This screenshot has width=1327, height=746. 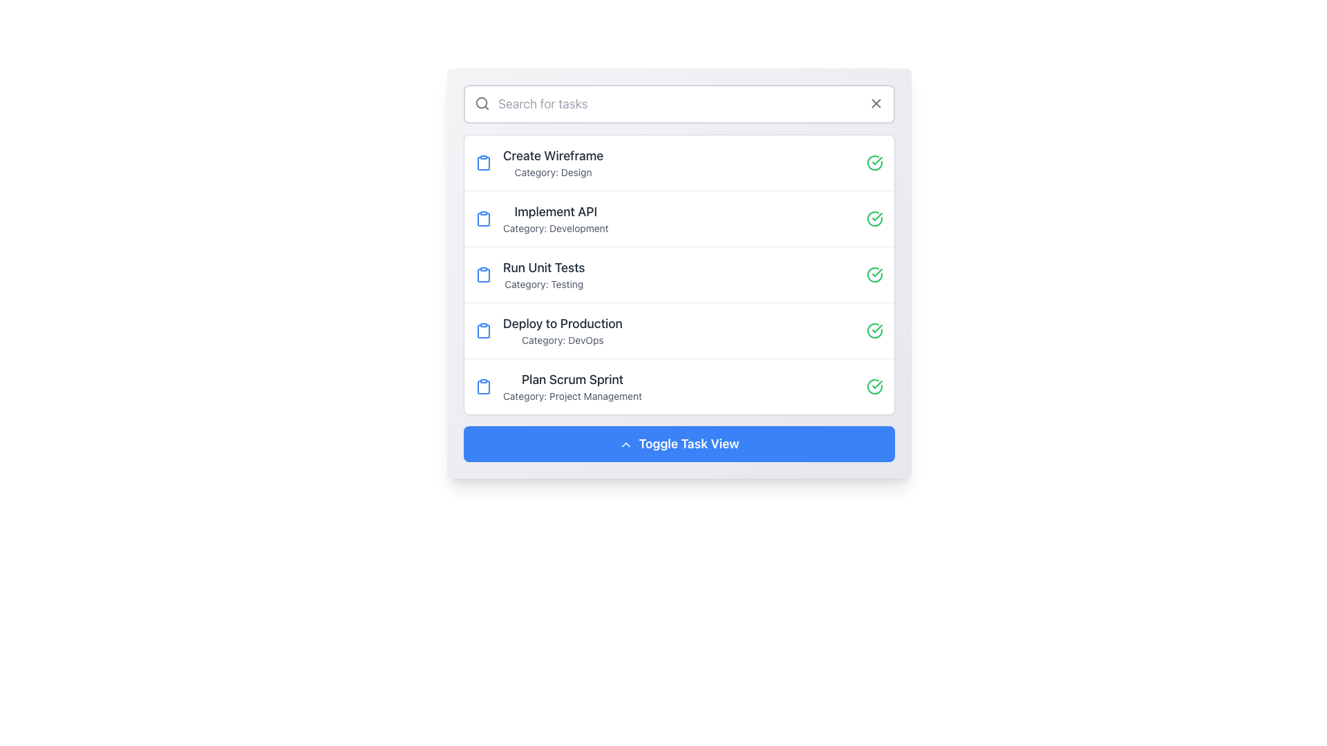 I want to click on the blue clipboard icon representing a task or document, which is located to the left of the text 'Create Wireframe', so click(x=484, y=162).